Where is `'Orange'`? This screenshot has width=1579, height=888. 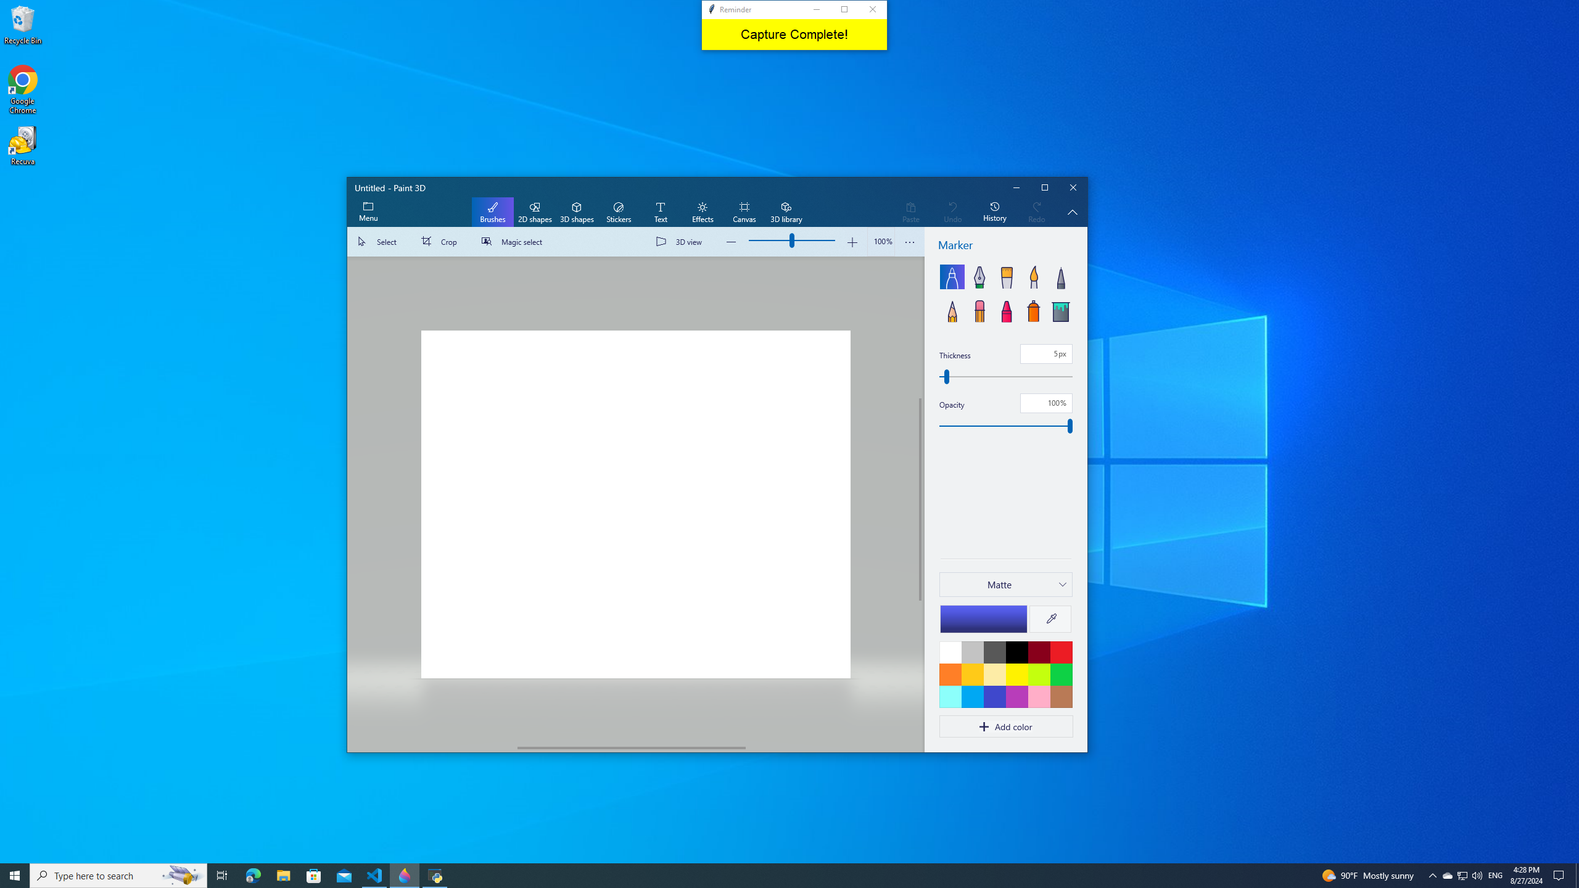
'Orange' is located at coordinates (950, 673).